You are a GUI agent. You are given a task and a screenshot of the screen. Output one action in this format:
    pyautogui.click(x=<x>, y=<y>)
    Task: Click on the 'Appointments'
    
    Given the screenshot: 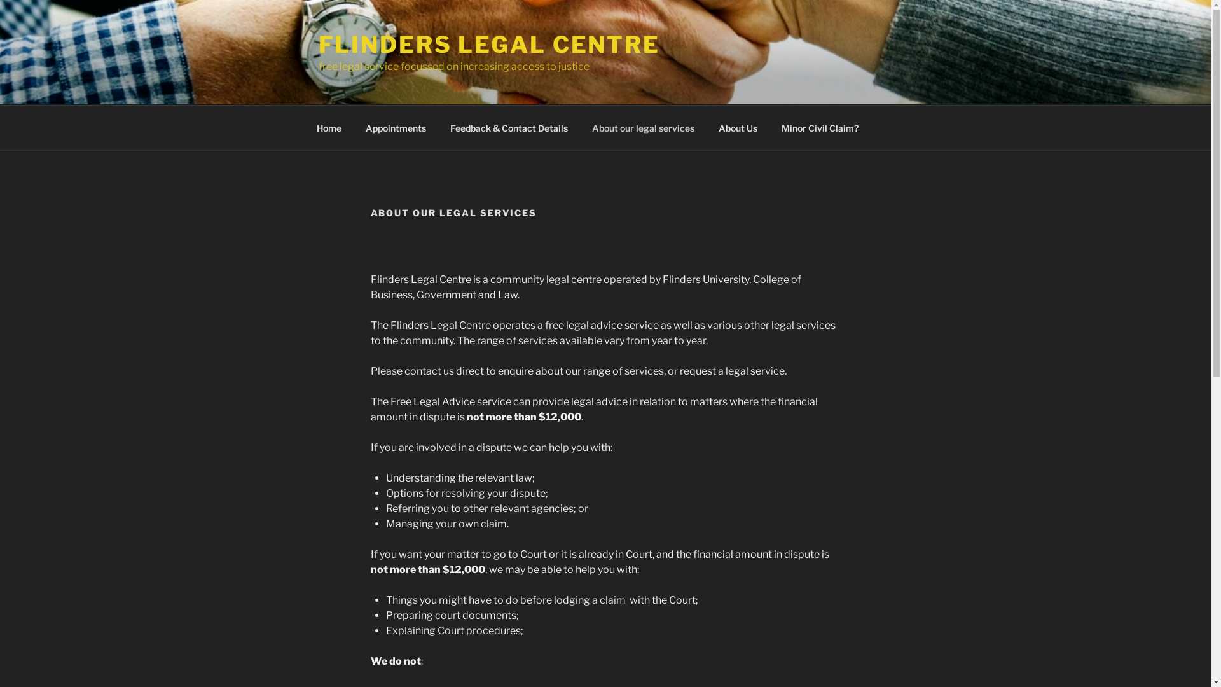 What is the action you would take?
    pyautogui.click(x=396, y=127)
    